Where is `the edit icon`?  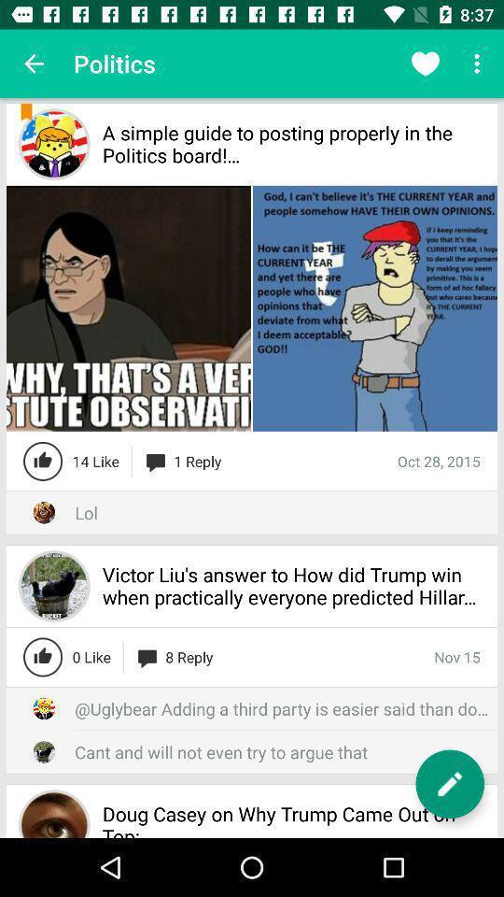
the edit icon is located at coordinates (449, 784).